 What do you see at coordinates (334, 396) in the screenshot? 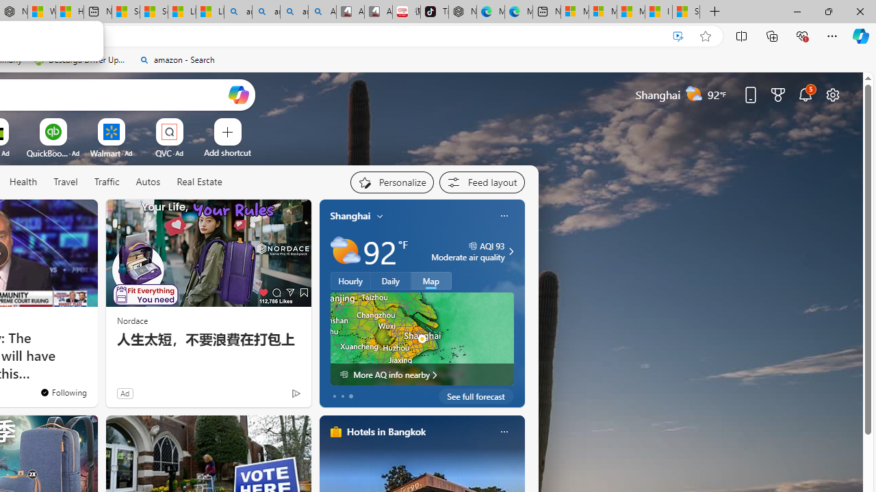
I see `'tab-0'` at bounding box center [334, 396].